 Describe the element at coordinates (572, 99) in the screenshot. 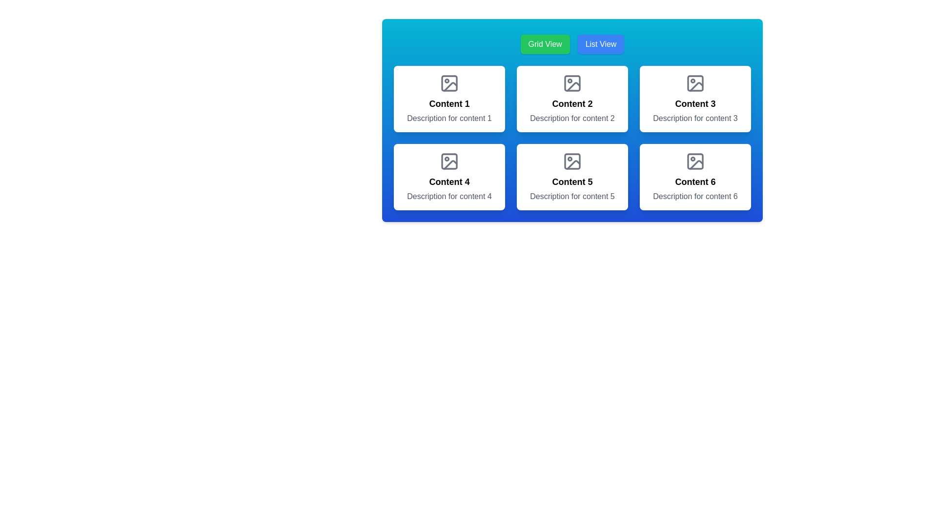

I see `the icon at the top of the 'Content 2' card, which is the second card in the first row of a grid layout` at that location.